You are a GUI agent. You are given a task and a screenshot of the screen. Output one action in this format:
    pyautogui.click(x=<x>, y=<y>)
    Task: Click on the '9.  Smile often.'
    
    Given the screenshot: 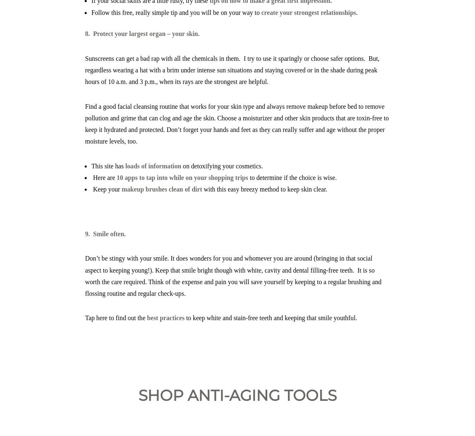 What is the action you would take?
    pyautogui.click(x=104, y=233)
    